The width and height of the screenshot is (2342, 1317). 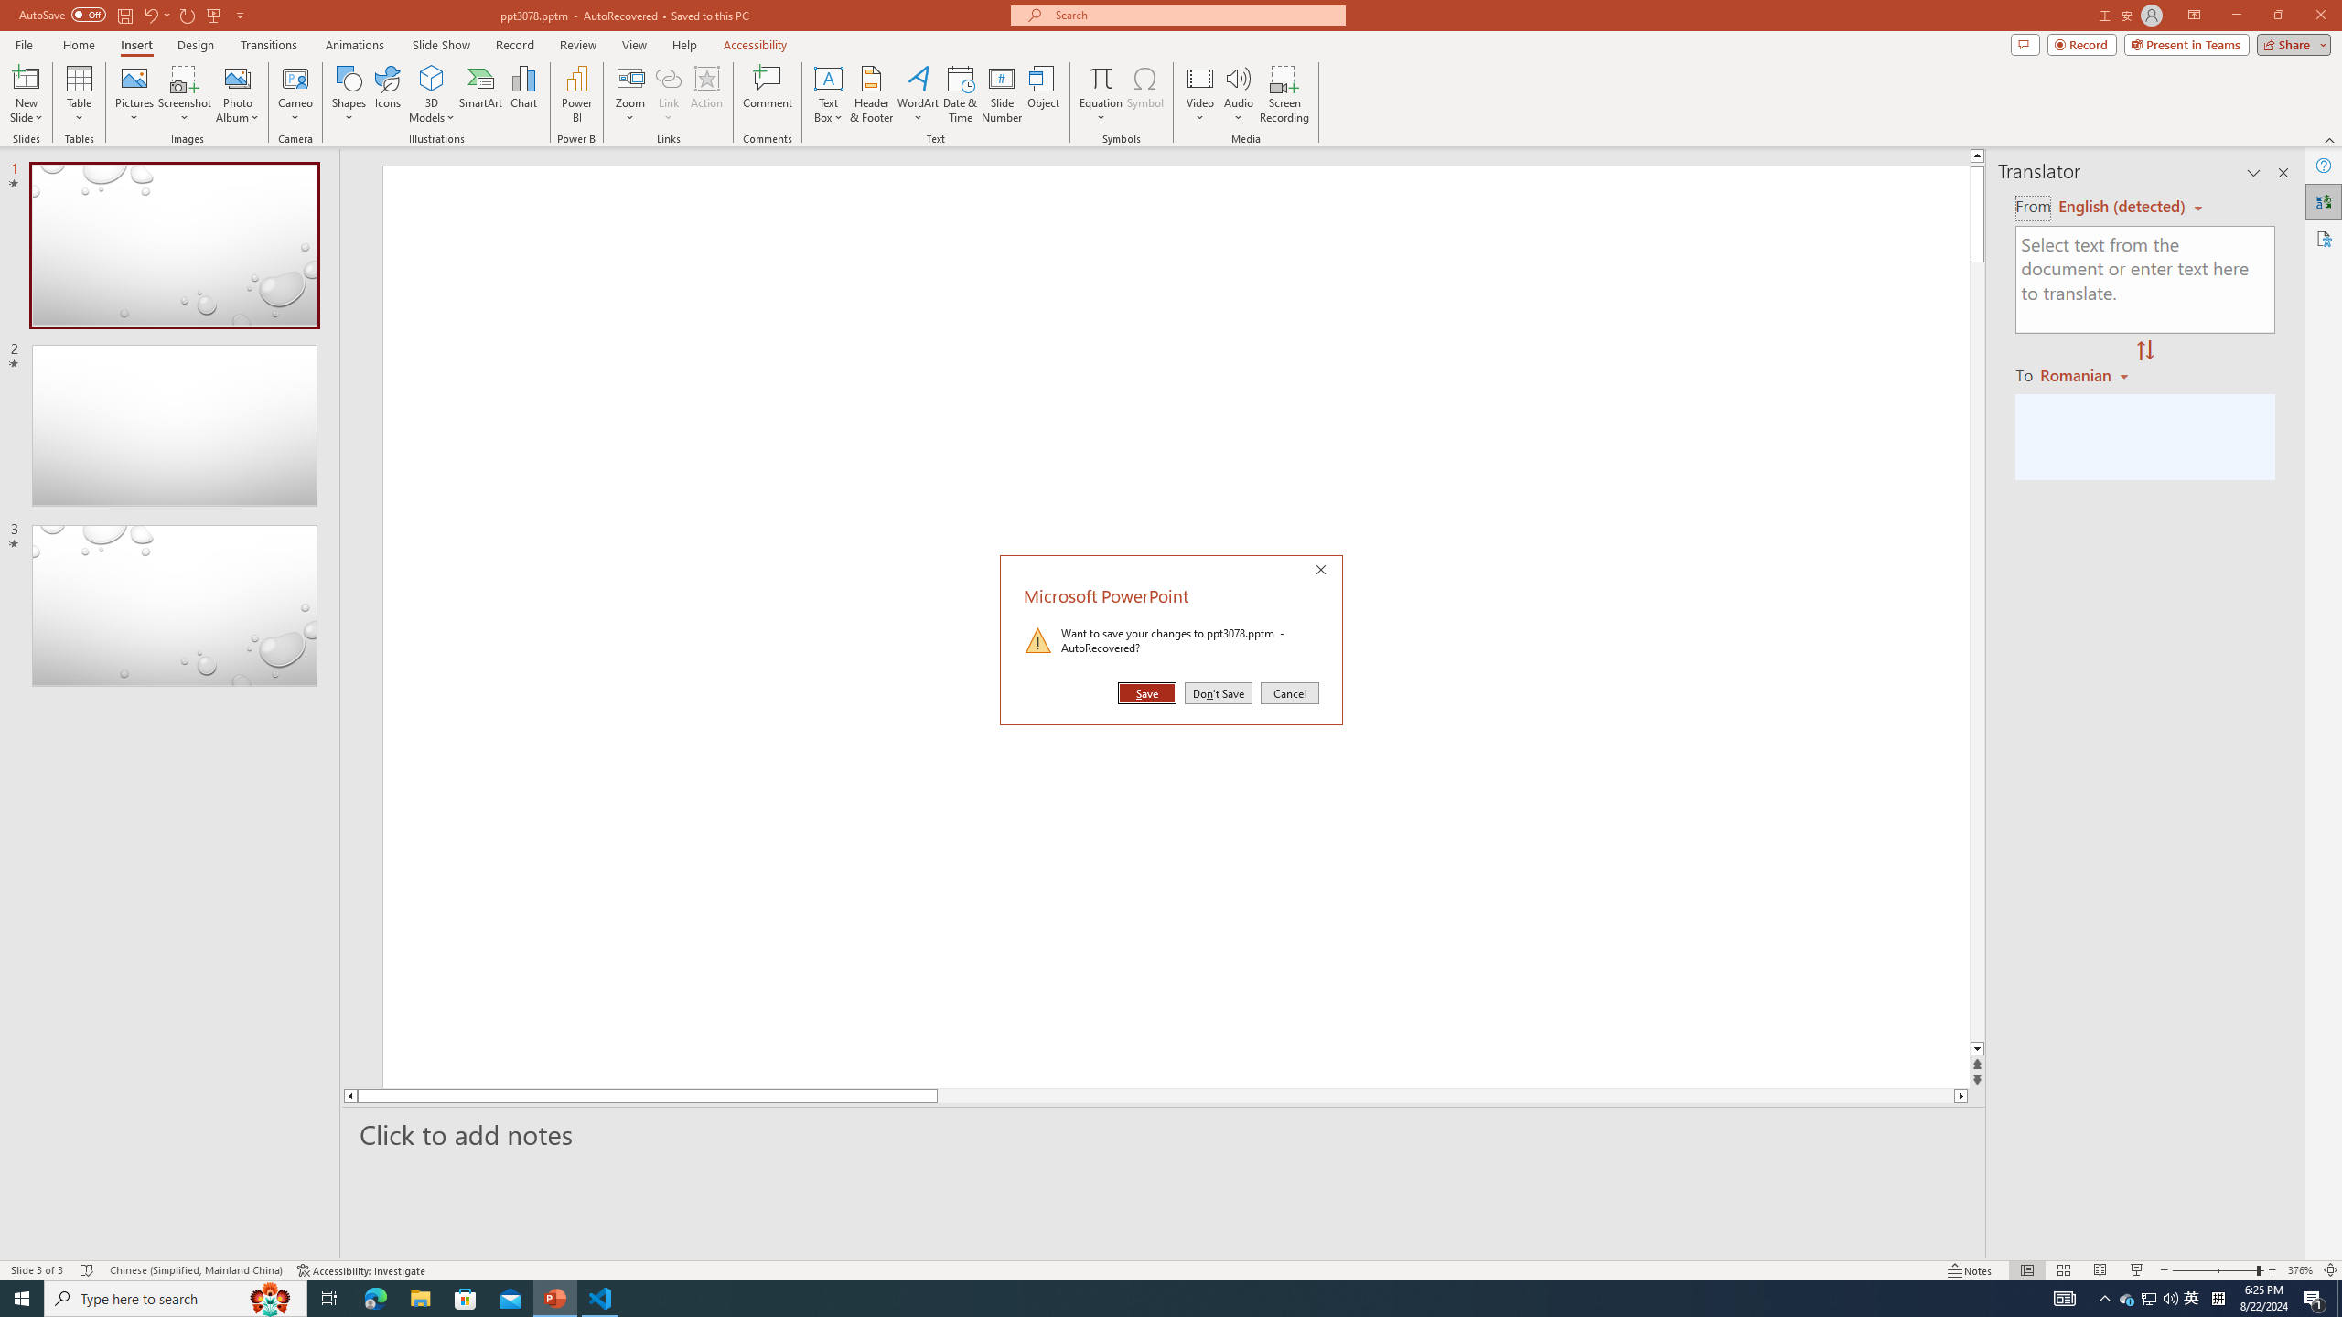 What do you see at coordinates (1289, 693) in the screenshot?
I see `'Cancel'` at bounding box center [1289, 693].